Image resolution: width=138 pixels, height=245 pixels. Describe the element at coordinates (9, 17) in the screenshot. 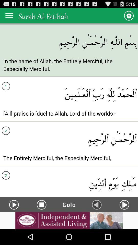

I see `the menu icon` at that location.